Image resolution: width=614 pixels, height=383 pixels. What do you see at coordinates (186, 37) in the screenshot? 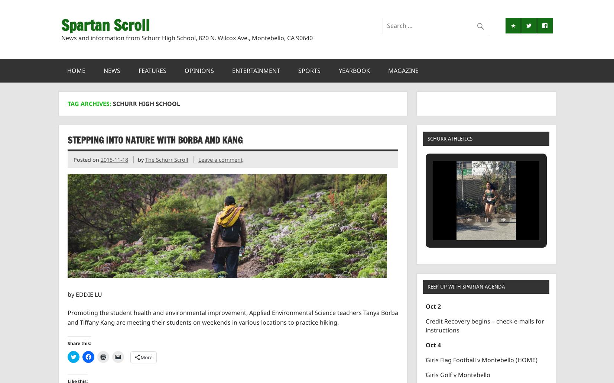
I see `'News and information from Schurr High School, 820 N. Wilcox Ave., Montebello, CA 90640'` at bounding box center [186, 37].